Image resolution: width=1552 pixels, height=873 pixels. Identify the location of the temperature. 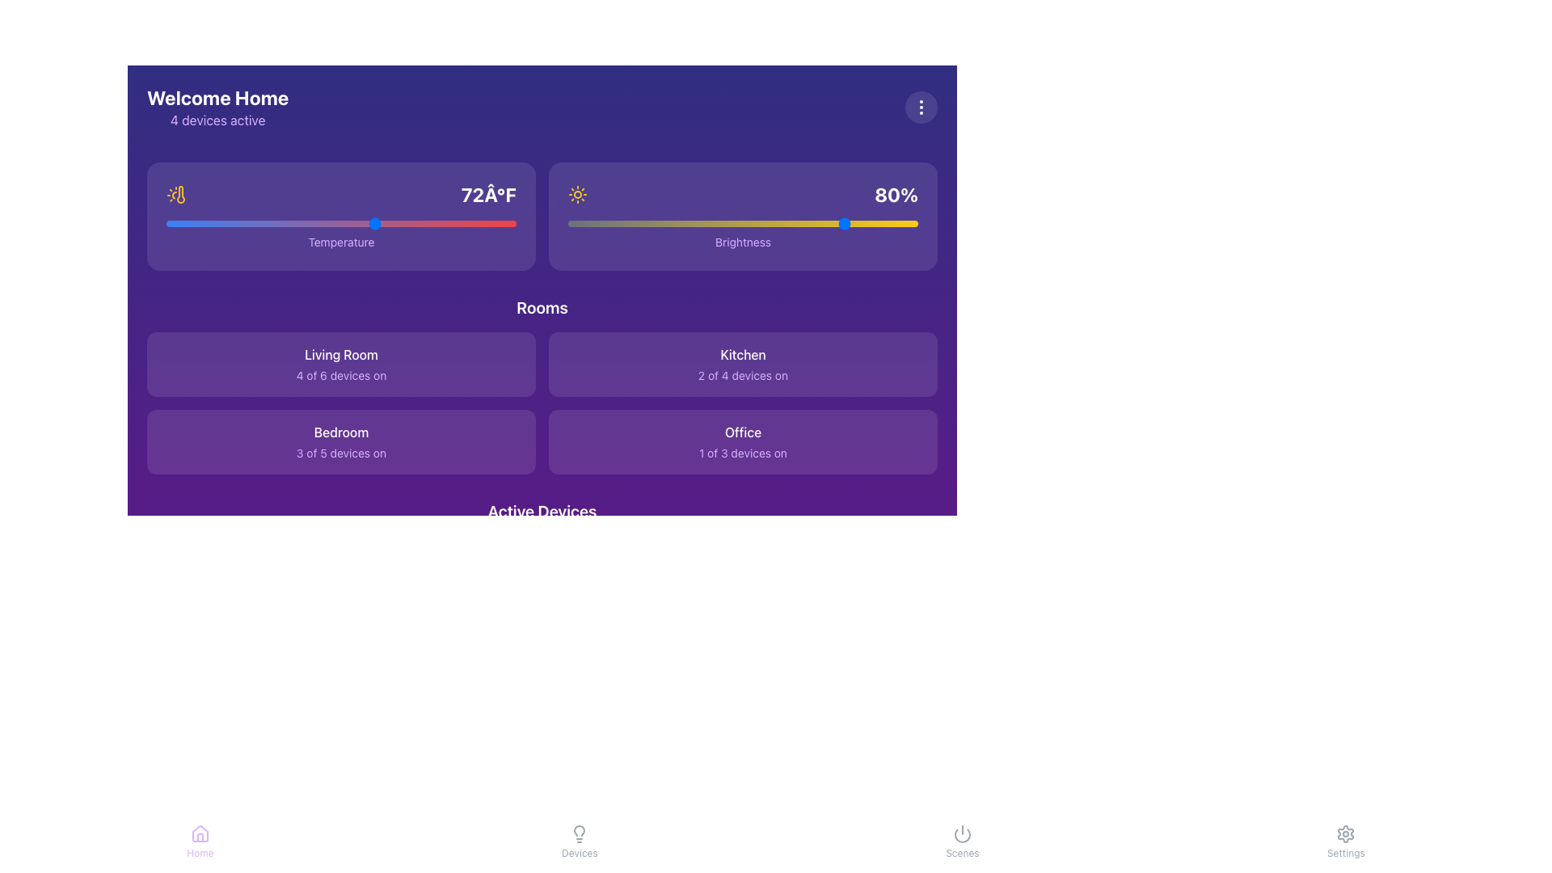
(217, 224).